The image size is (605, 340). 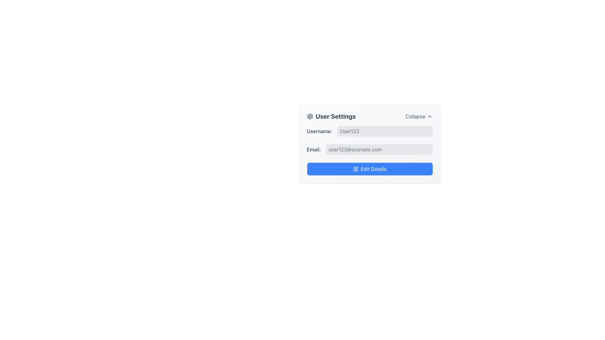 What do you see at coordinates (331, 116) in the screenshot?
I see `the 'User Settings' text label, which is a bold, extra-large header located adjacent to the gear icon in the top section of the settings panel` at bounding box center [331, 116].